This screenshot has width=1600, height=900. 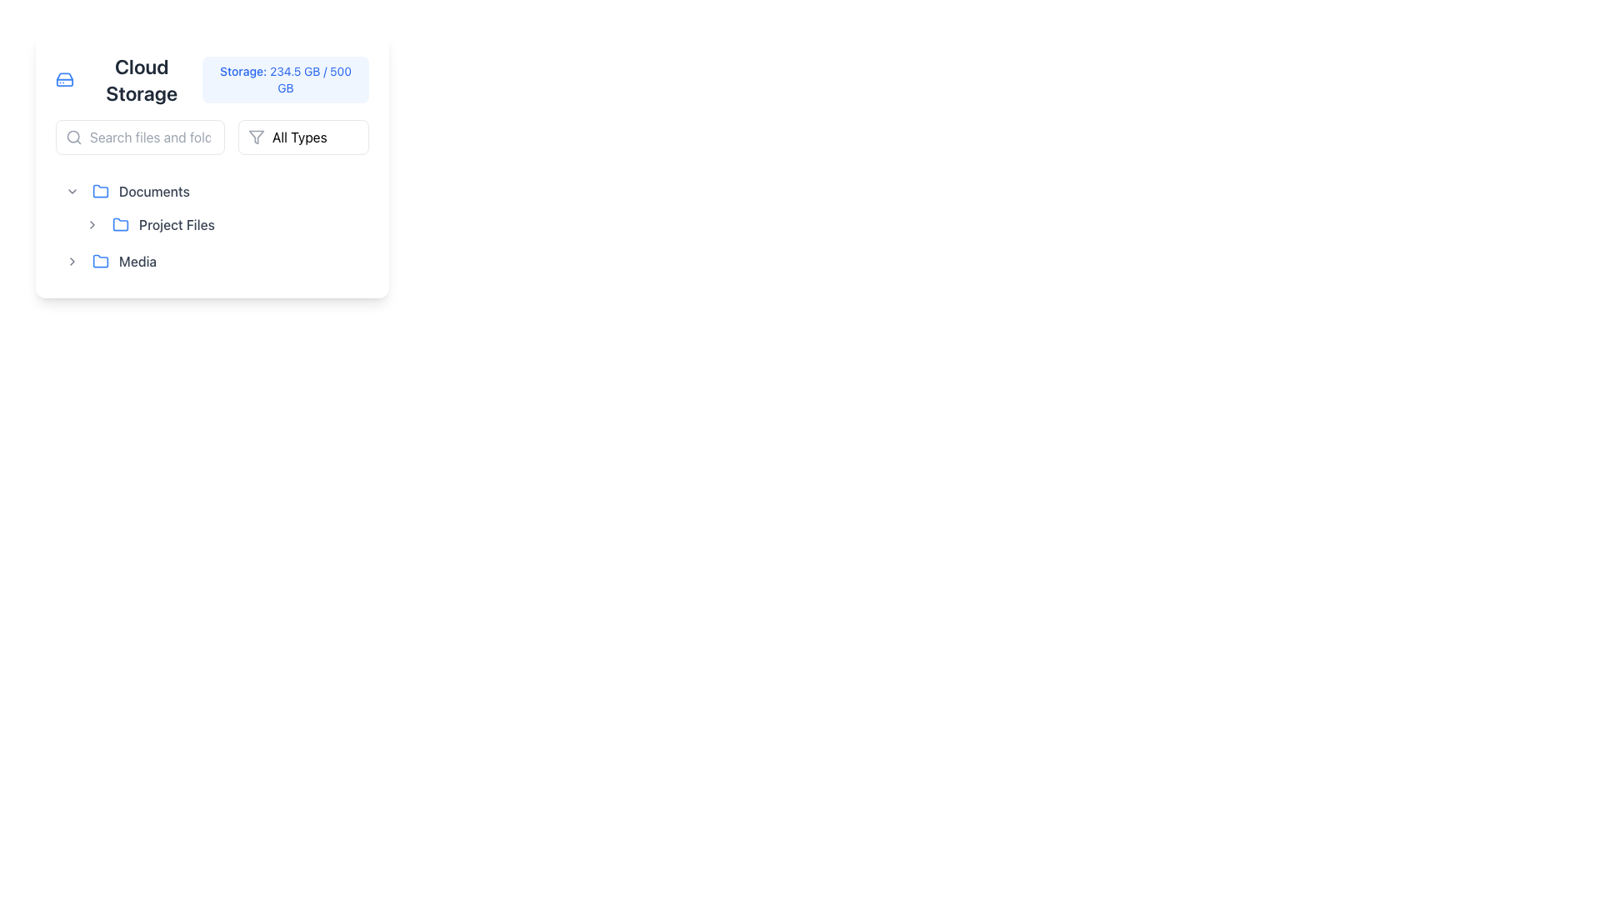 I want to click on the filter icon located to the left of the text label within the 'All Types' dropdown button, which visually indicates the filter functionality, so click(x=255, y=137).